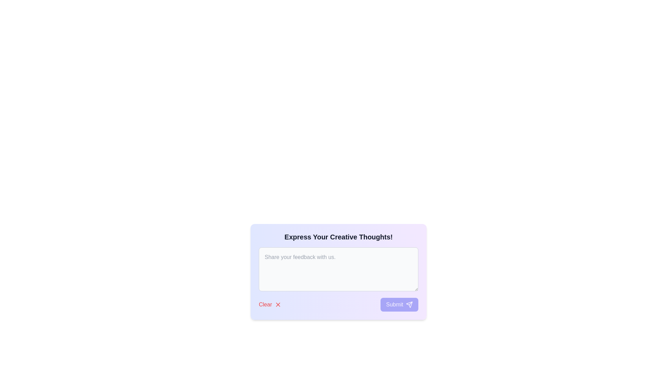 Image resolution: width=660 pixels, height=371 pixels. What do you see at coordinates (399, 304) in the screenshot?
I see `the 'Submit' button with a rounded rectangular shape and a gradient background from blue to purple, containing white text and an arrow icon` at bounding box center [399, 304].